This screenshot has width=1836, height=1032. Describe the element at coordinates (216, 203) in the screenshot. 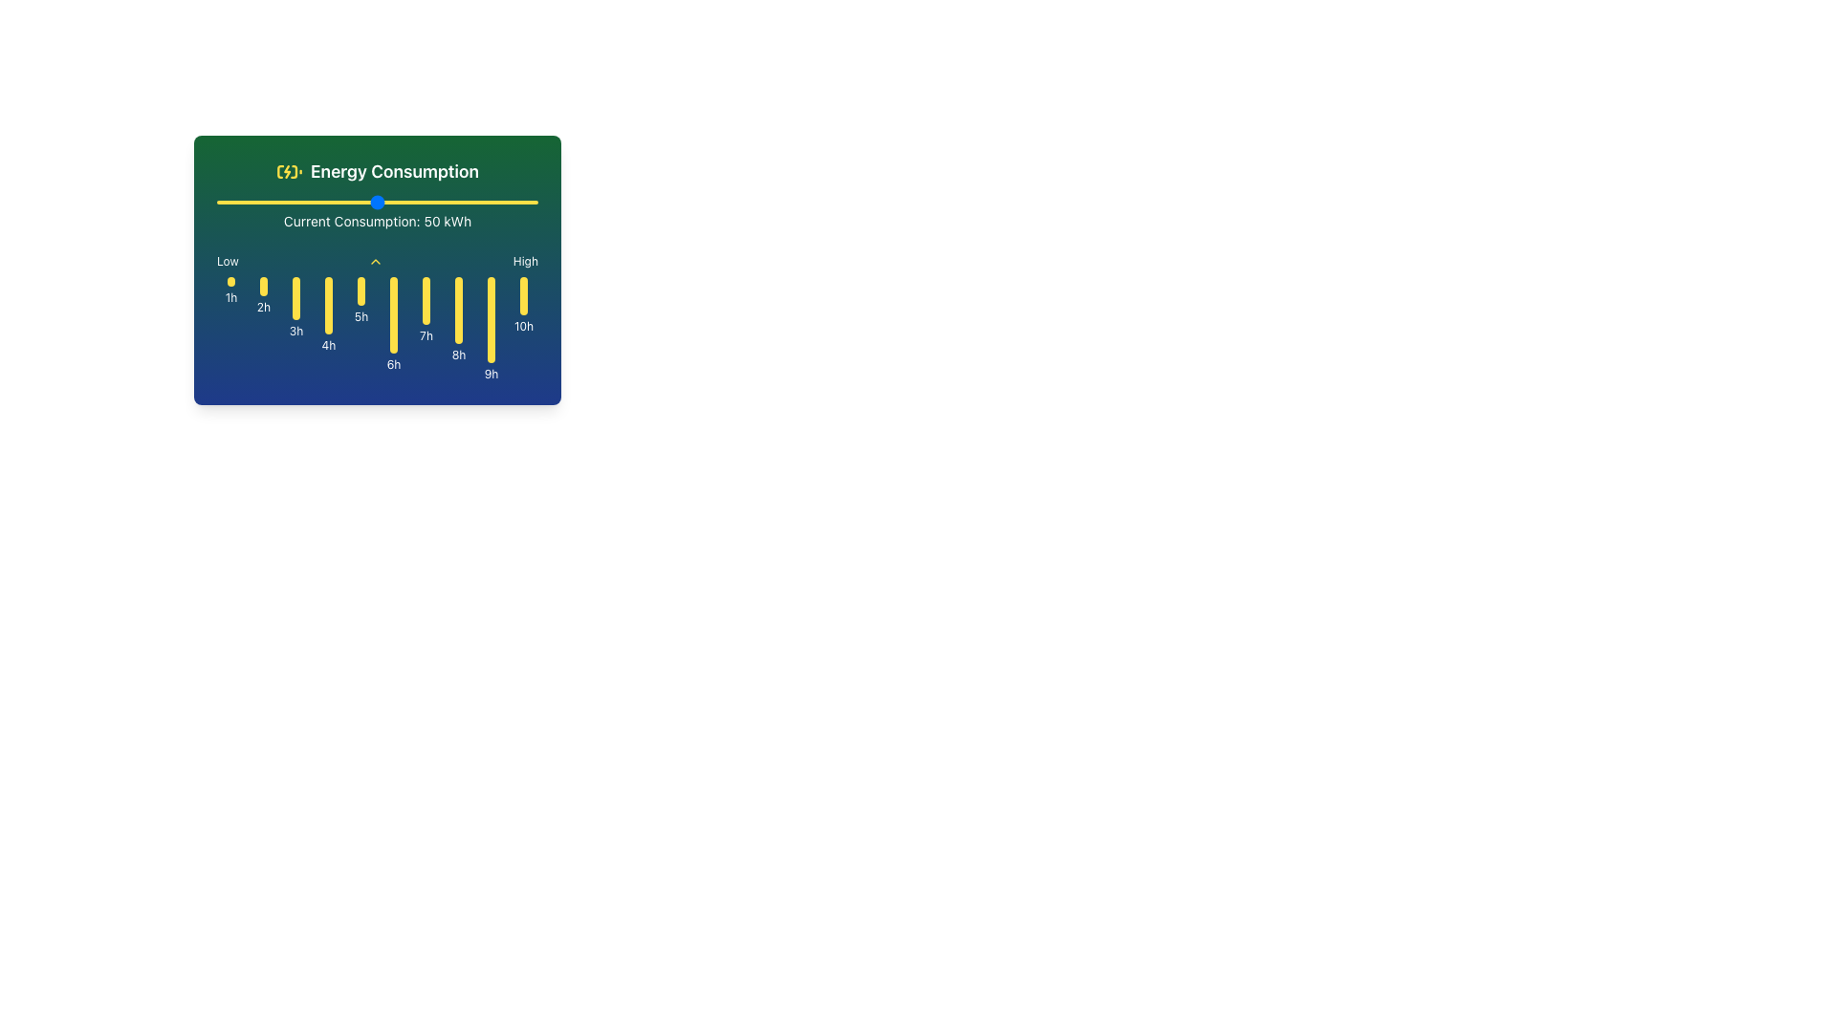

I see `current consumption` at that location.